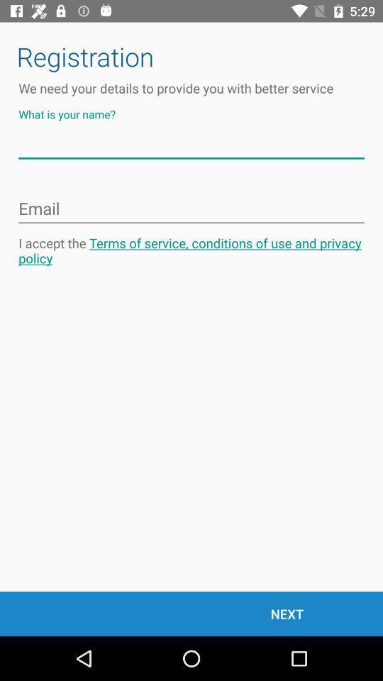 This screenshot has height=681, width=383. I want to click on registration my name, so click(191, 145).